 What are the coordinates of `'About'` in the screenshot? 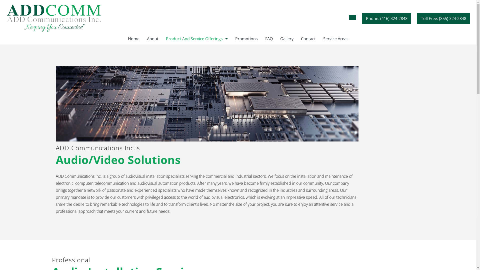 It's located at (152, 38).